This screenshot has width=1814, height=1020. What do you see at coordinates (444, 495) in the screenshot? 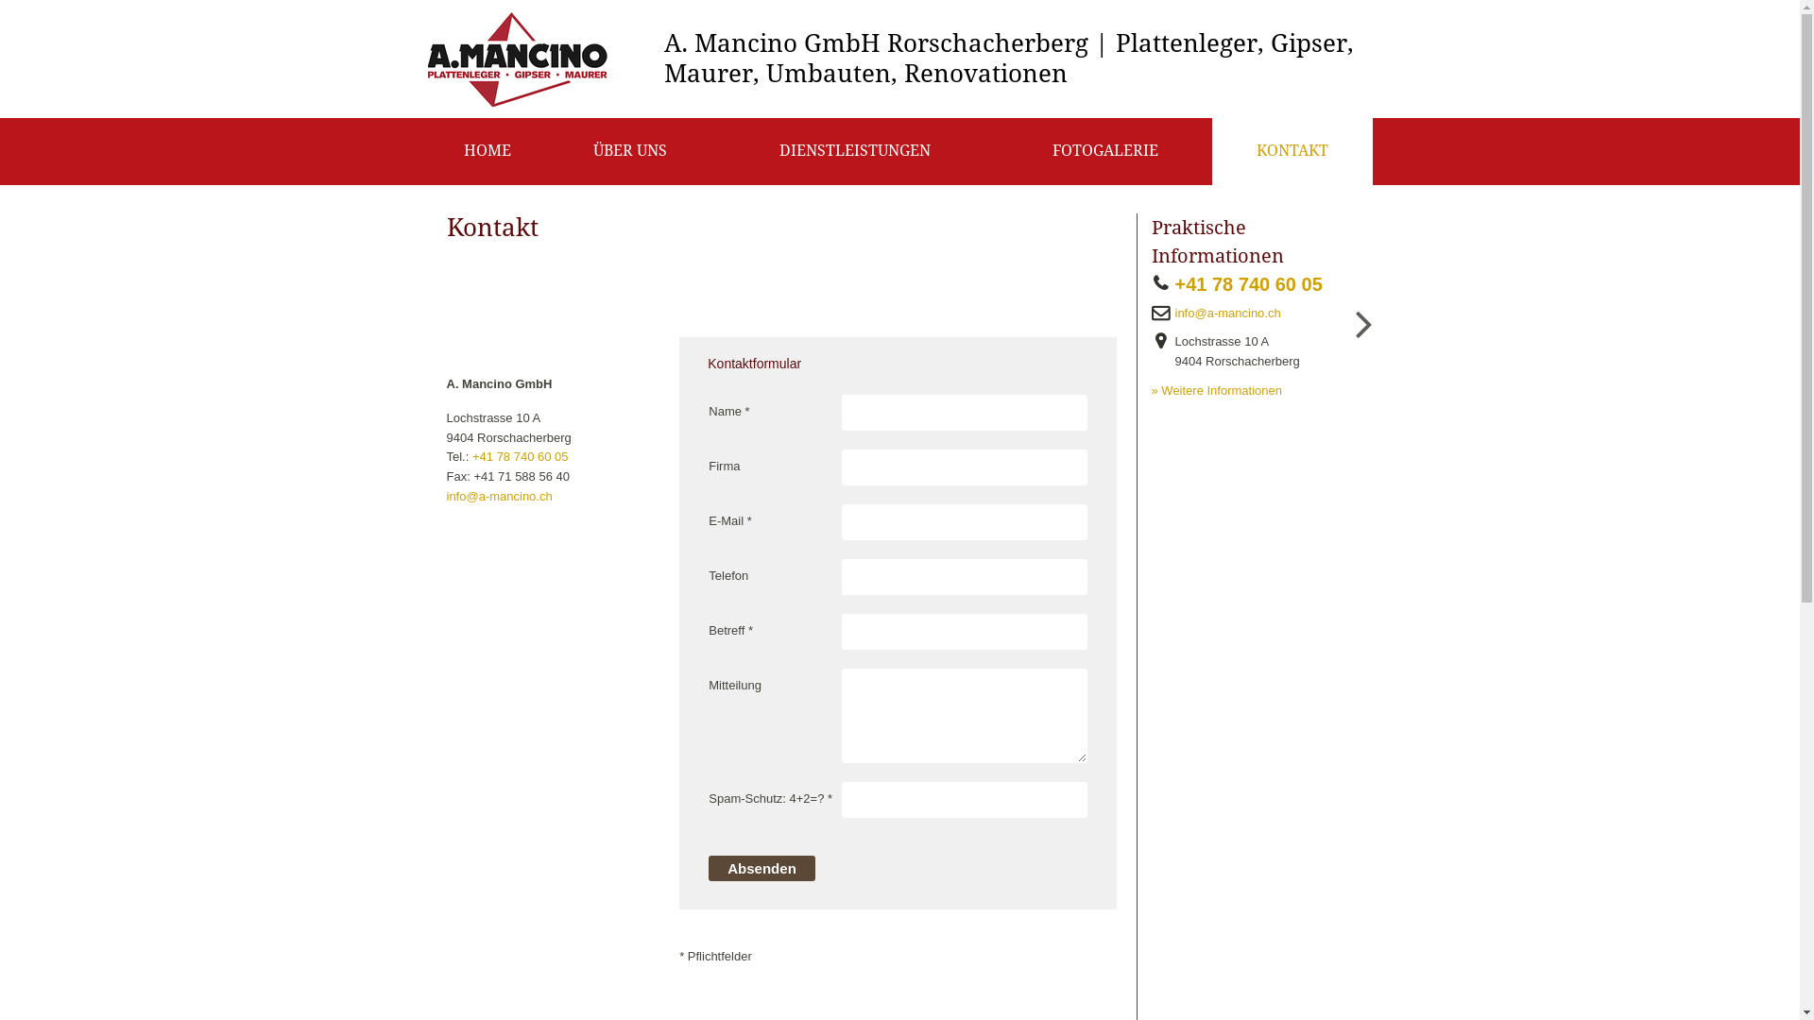
I see `'info@a-mancino.ch'` at bounding box center [444, 495].